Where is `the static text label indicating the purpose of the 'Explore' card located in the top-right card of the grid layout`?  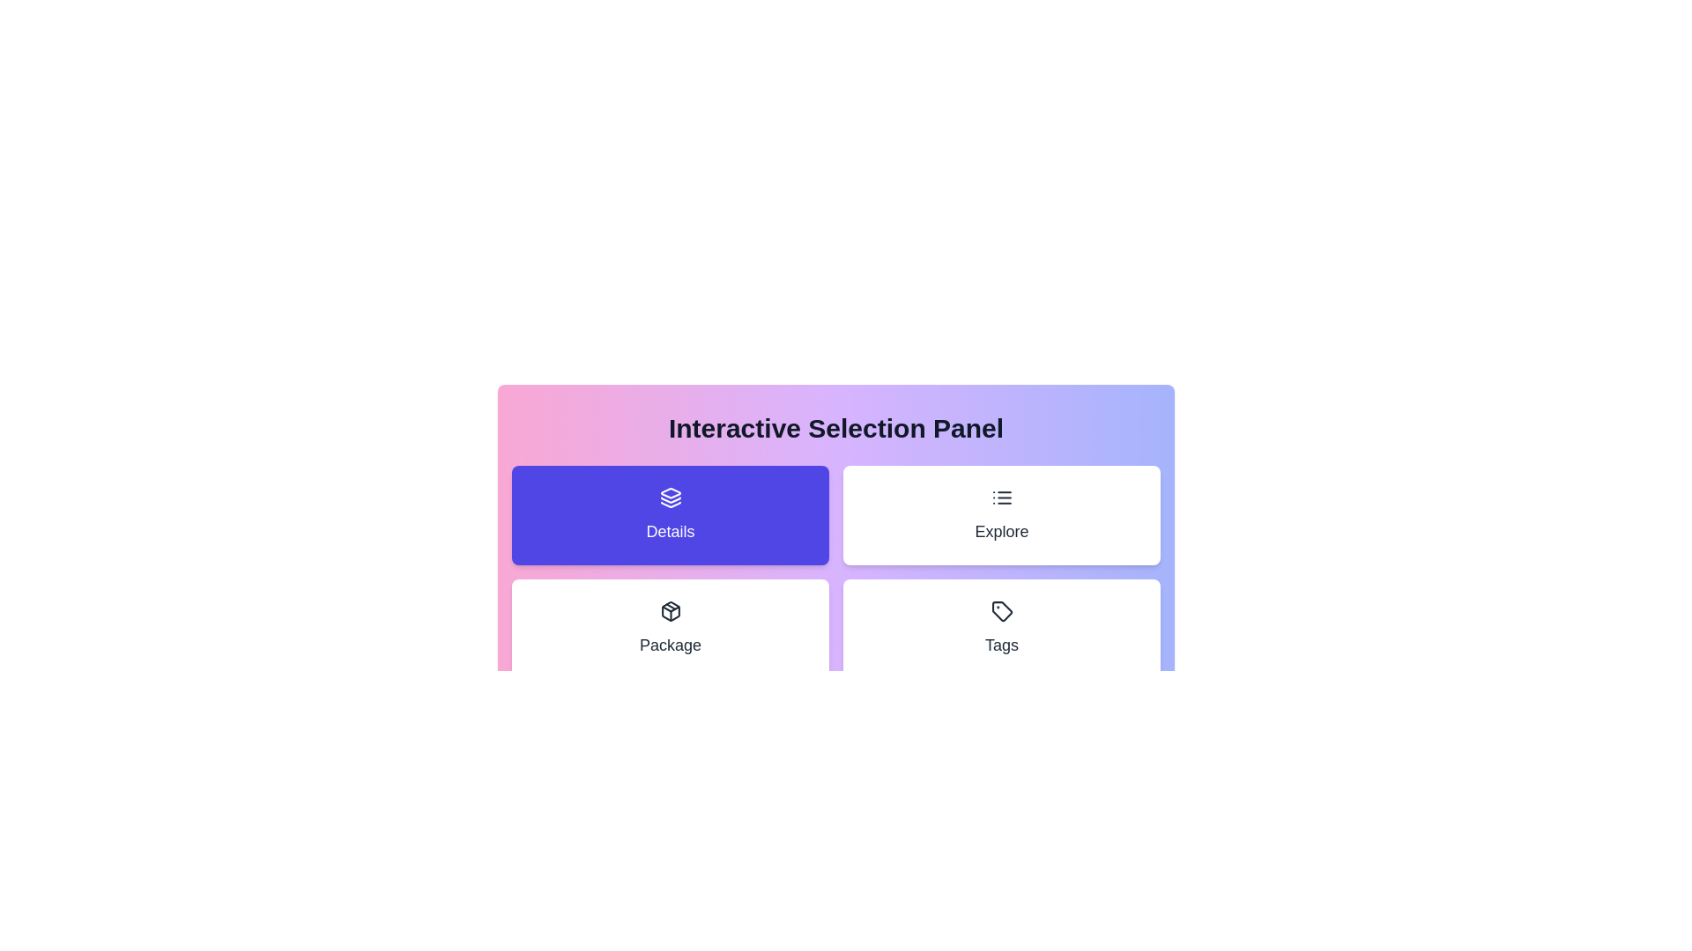
the static text label indicating the purpose of the 'Explore' card located in the top-right card of the grid layout is located at coordinates (1002, 531).